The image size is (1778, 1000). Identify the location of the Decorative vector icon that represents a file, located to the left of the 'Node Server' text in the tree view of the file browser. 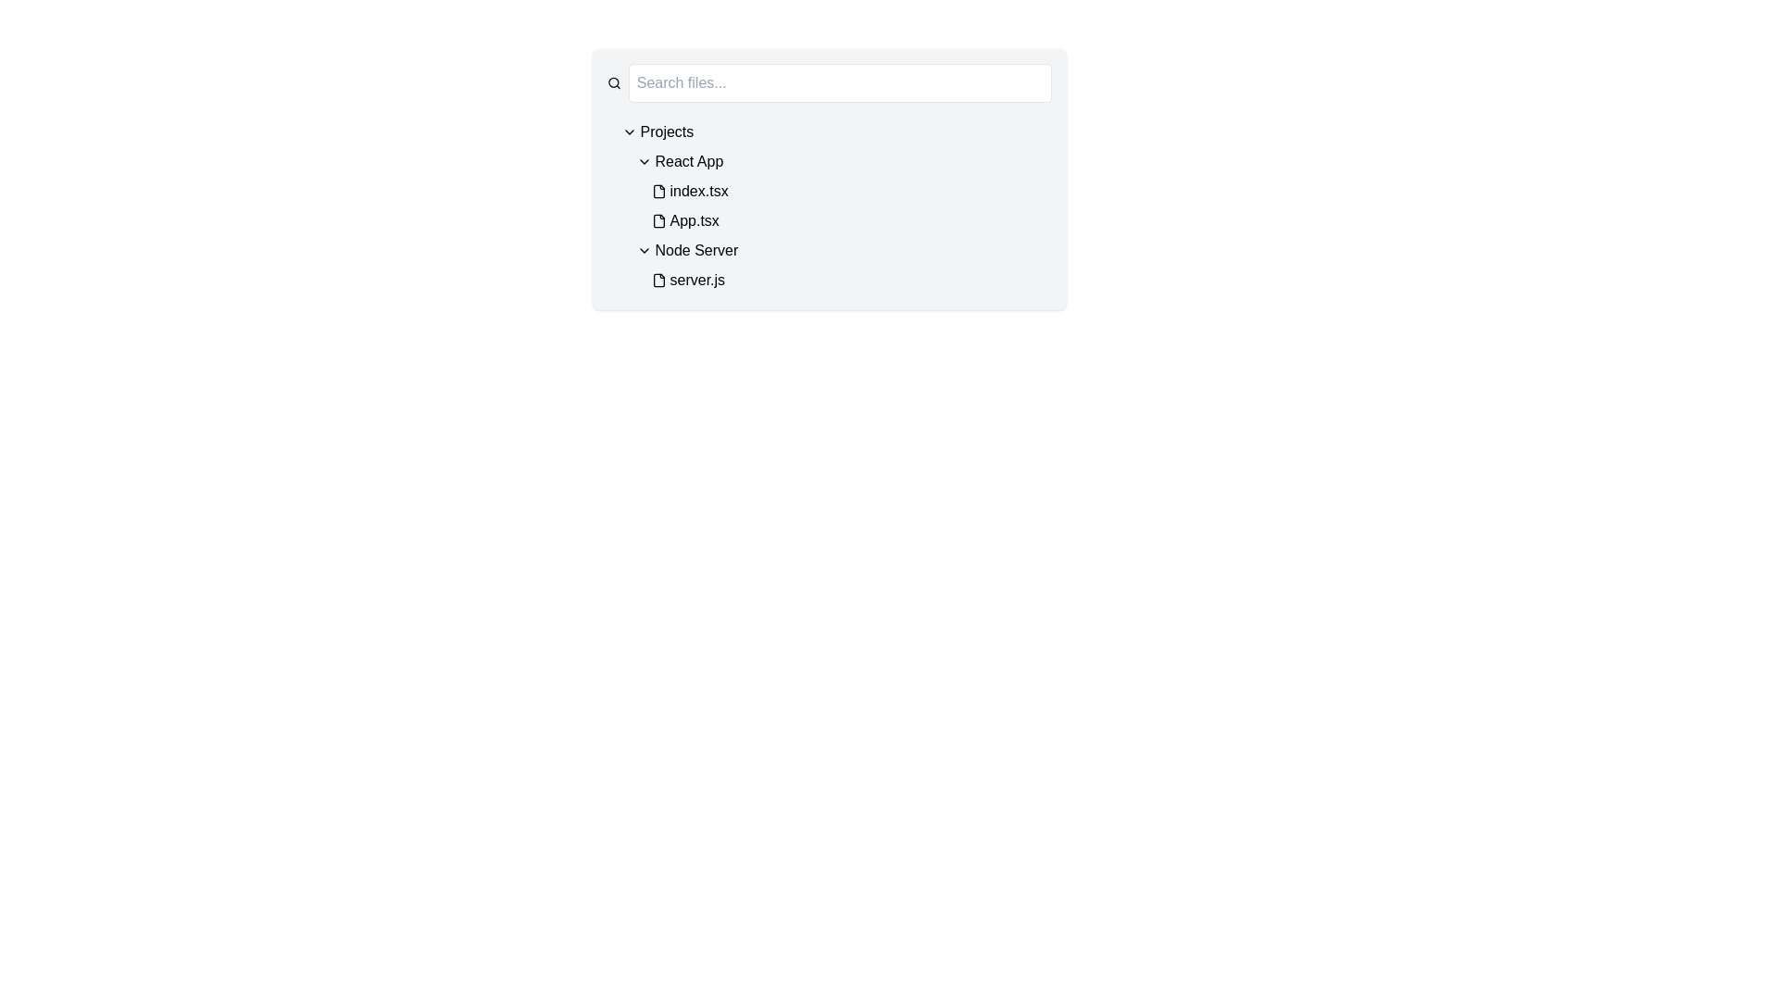
(658, 281).